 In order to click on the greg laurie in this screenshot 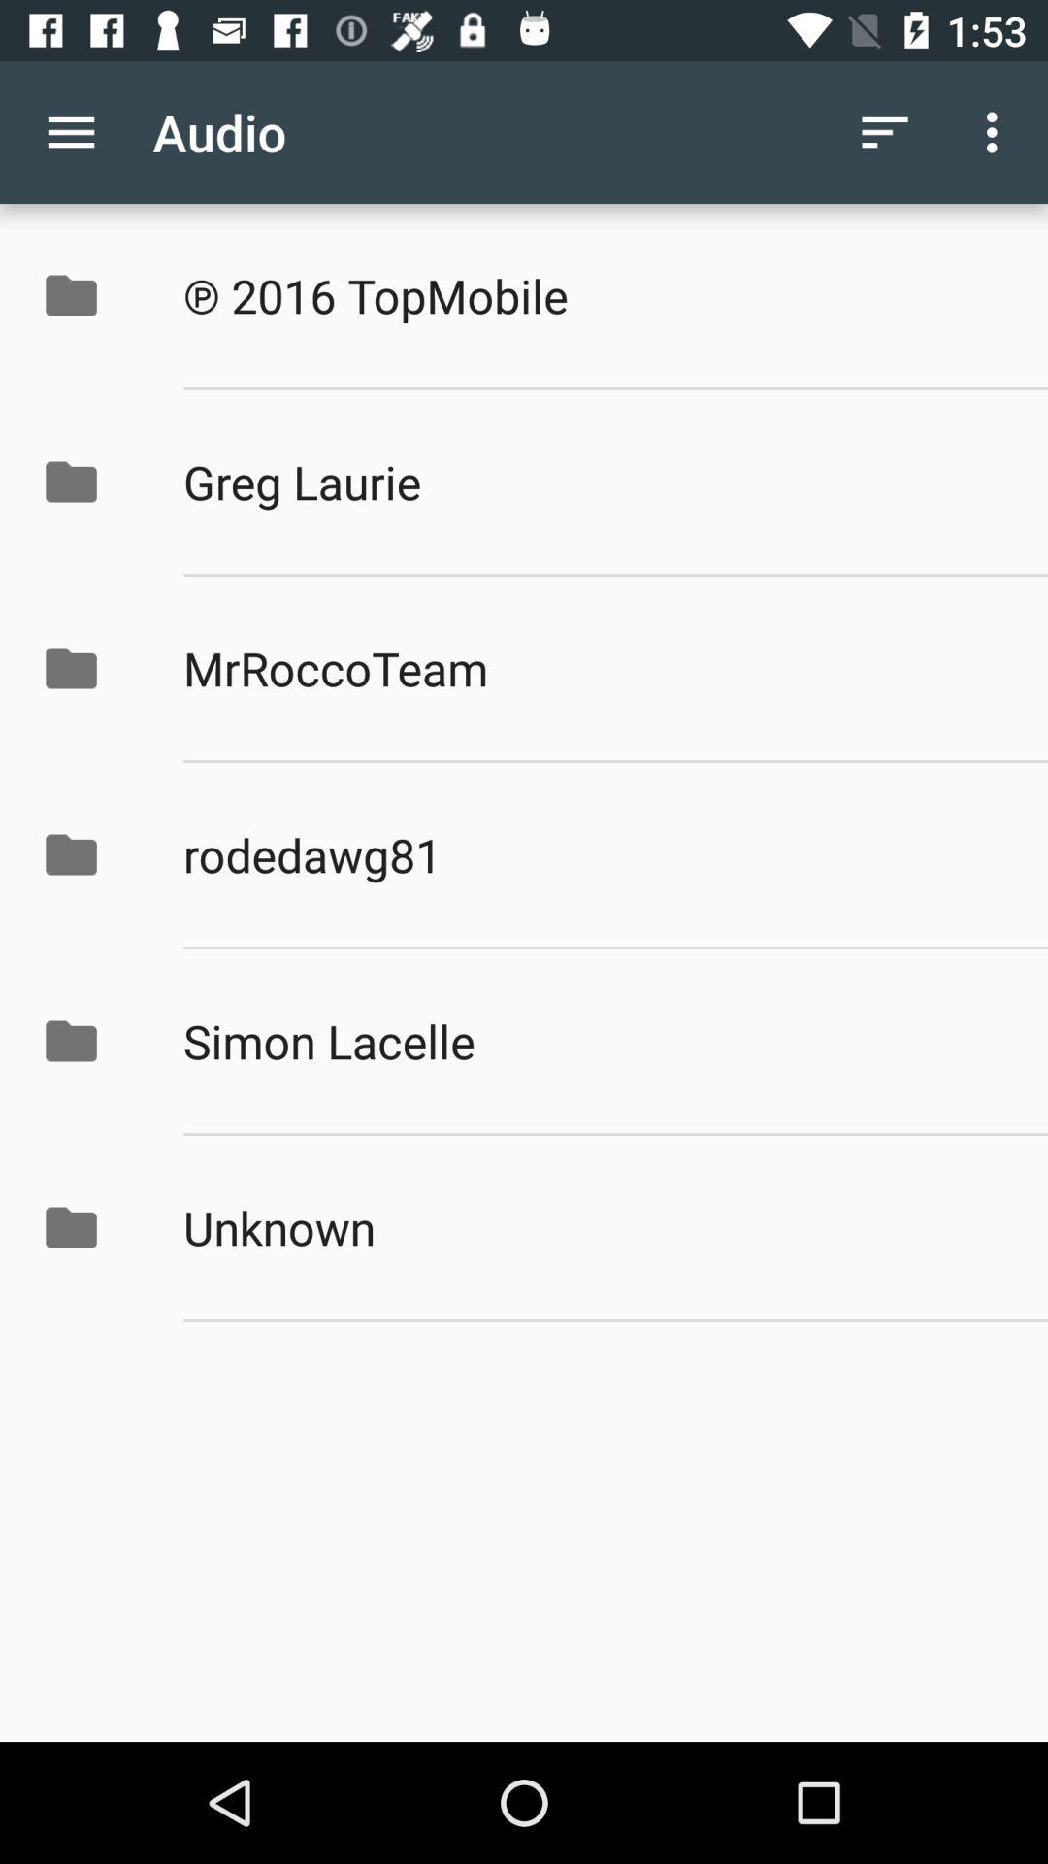, I will do `click(594, 482)`.